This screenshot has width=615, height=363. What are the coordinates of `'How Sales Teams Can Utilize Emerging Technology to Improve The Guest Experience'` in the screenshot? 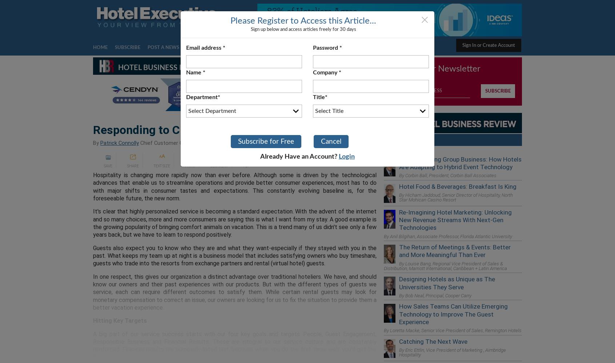 It's located at (399, 314).